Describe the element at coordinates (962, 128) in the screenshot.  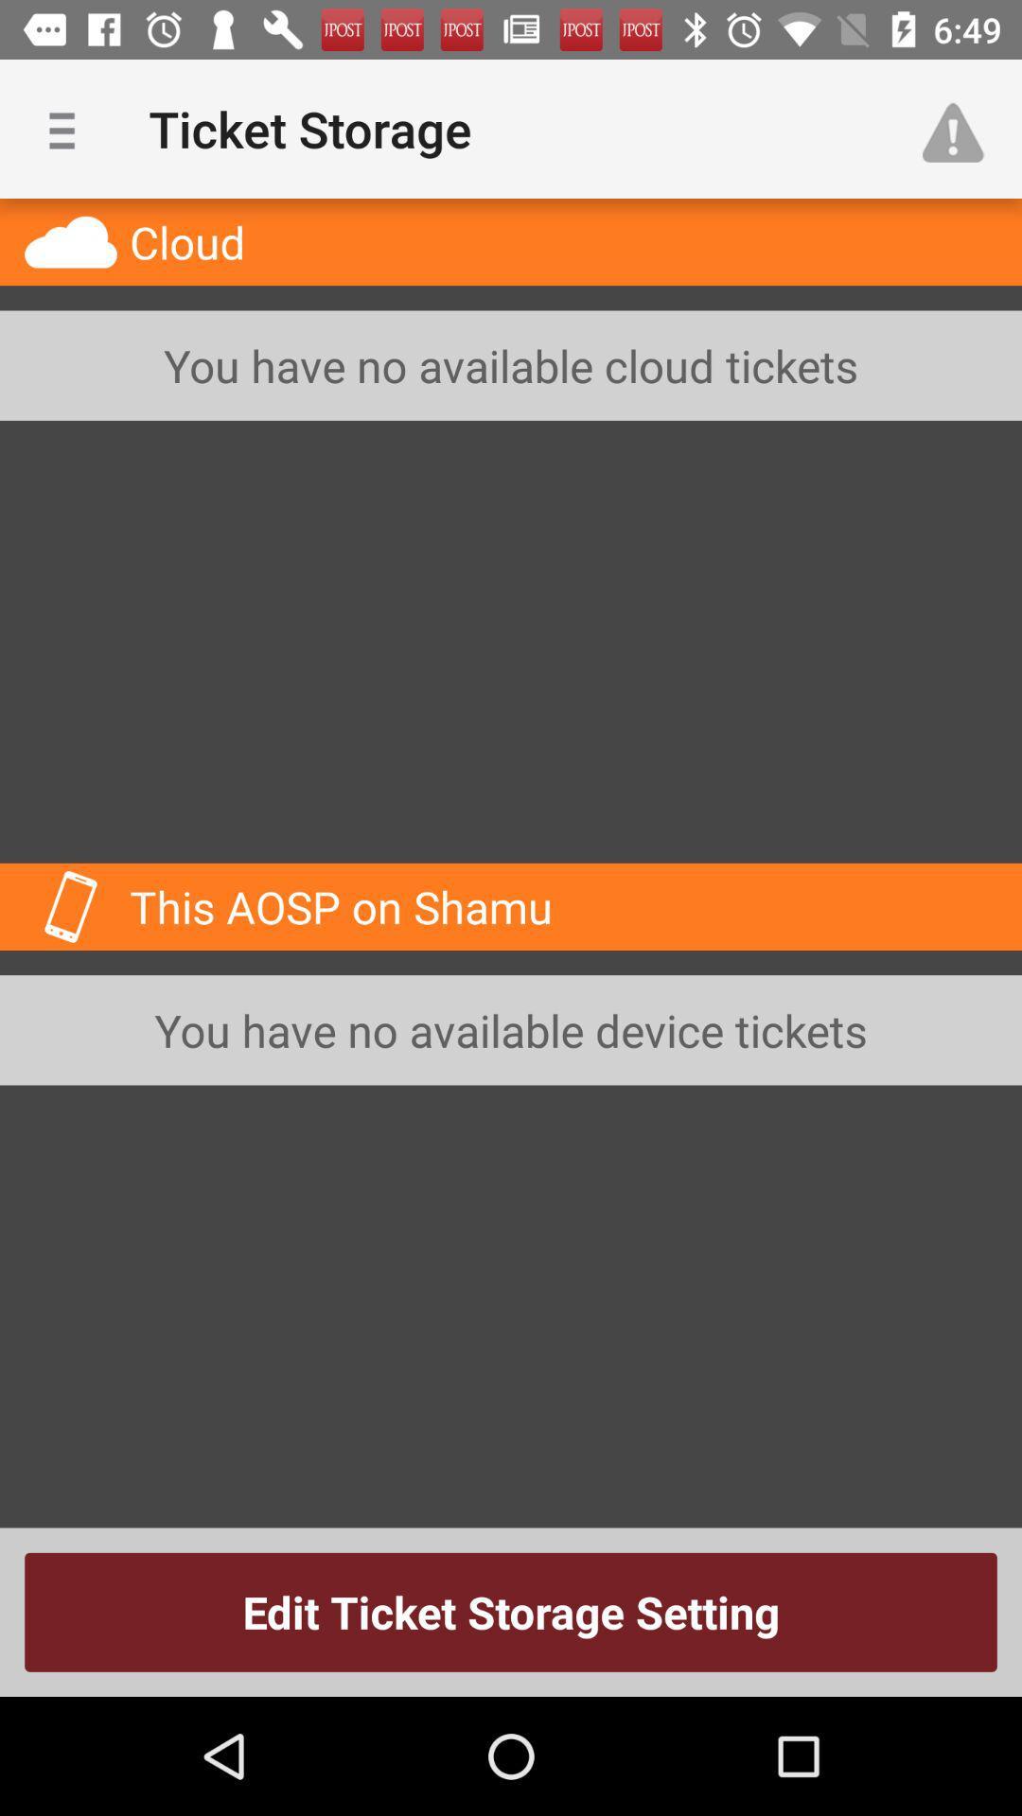
I see `the icon next to ticket storage icon` at that location.